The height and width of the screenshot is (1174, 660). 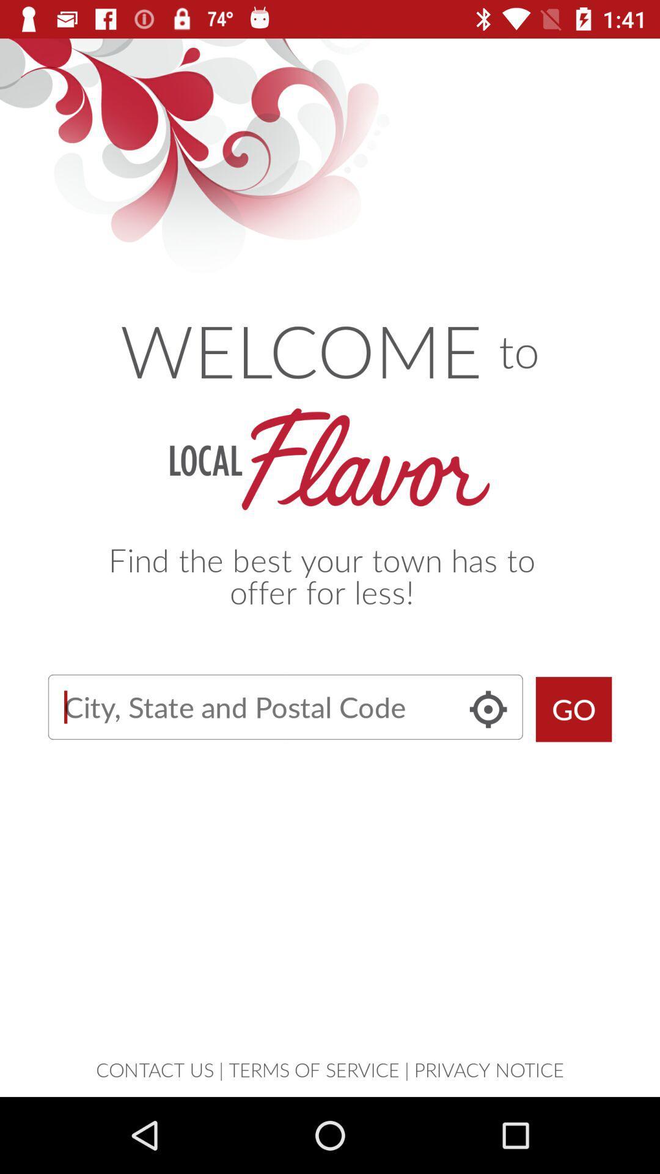 I want to click on location input box, so click(x=285, y=707).